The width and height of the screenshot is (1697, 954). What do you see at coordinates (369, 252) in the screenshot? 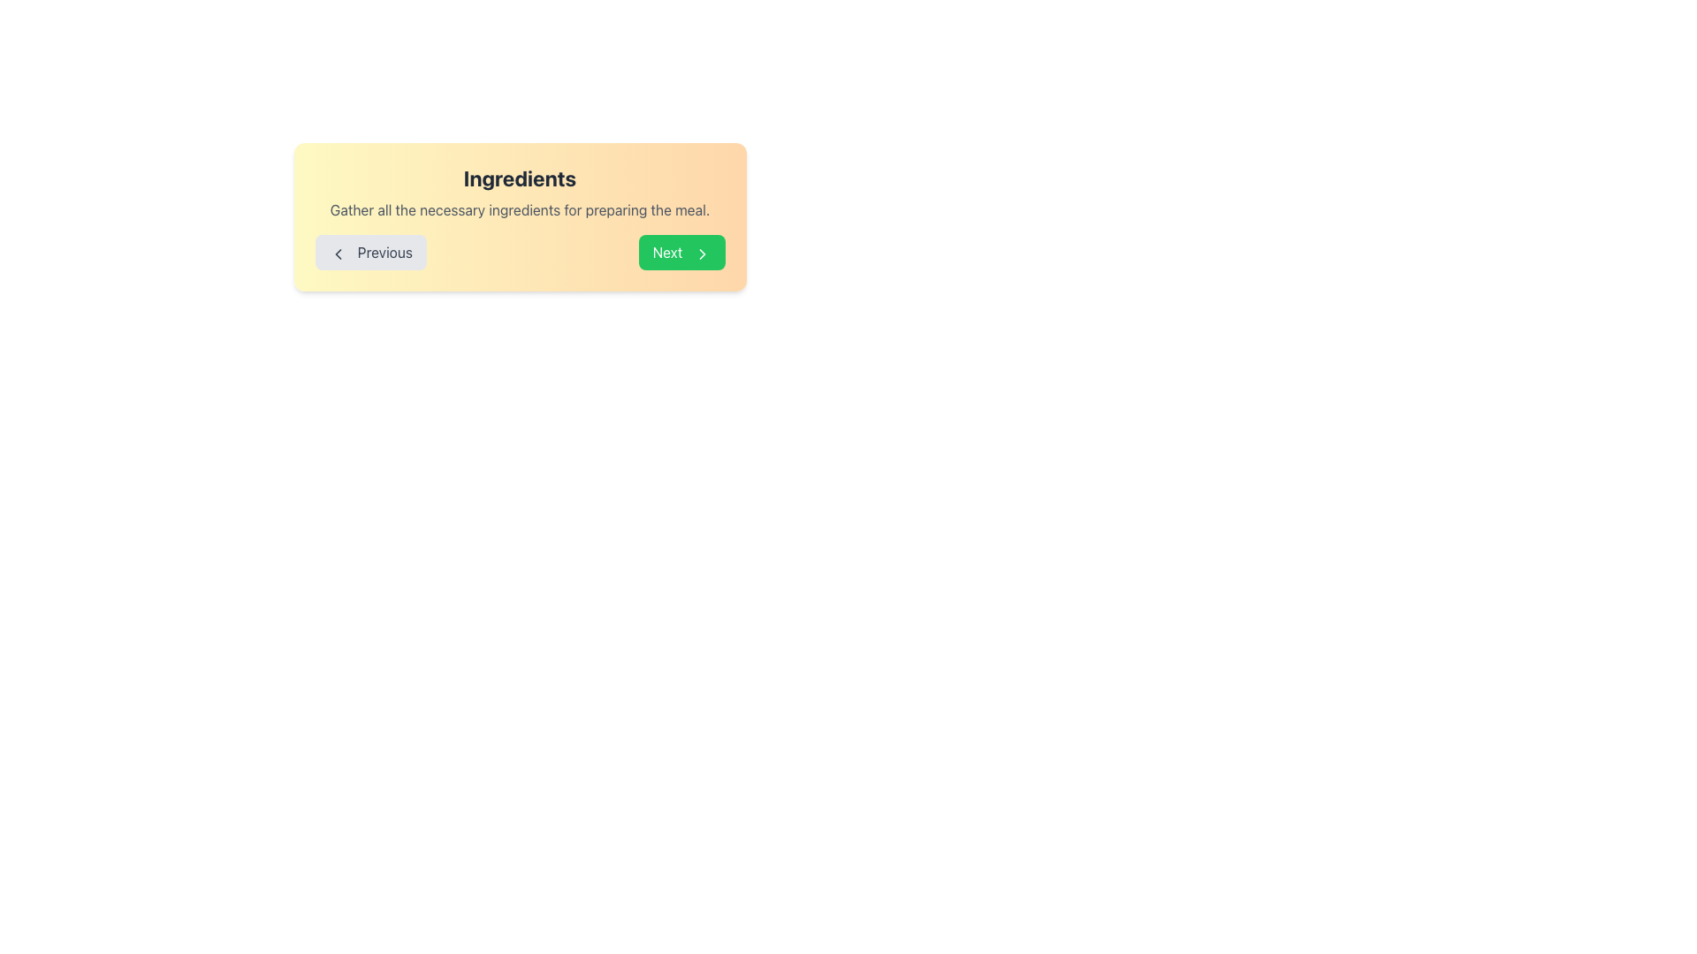
I see `the 'Previous' button with a leftward arrow icon, which is styled with a light gray background and medium gray text, located on the left side of the navigation panel` at bounding box center [369, 252].